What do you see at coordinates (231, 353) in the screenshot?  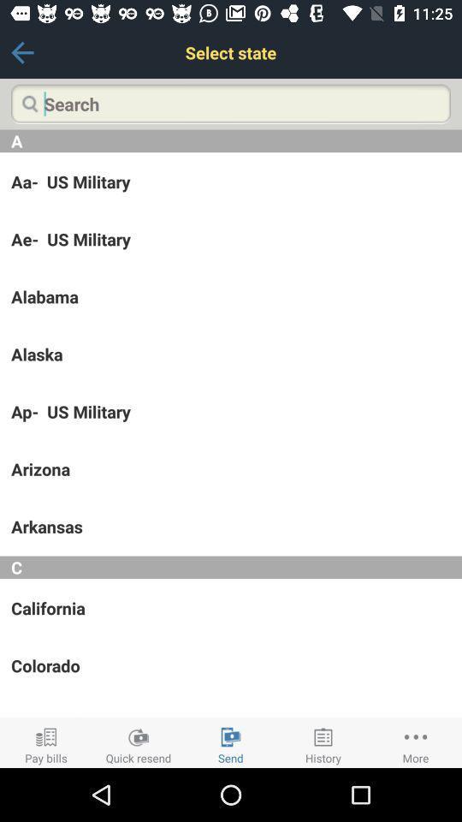 I see `app below alabama` at bounding box center [231, 353].